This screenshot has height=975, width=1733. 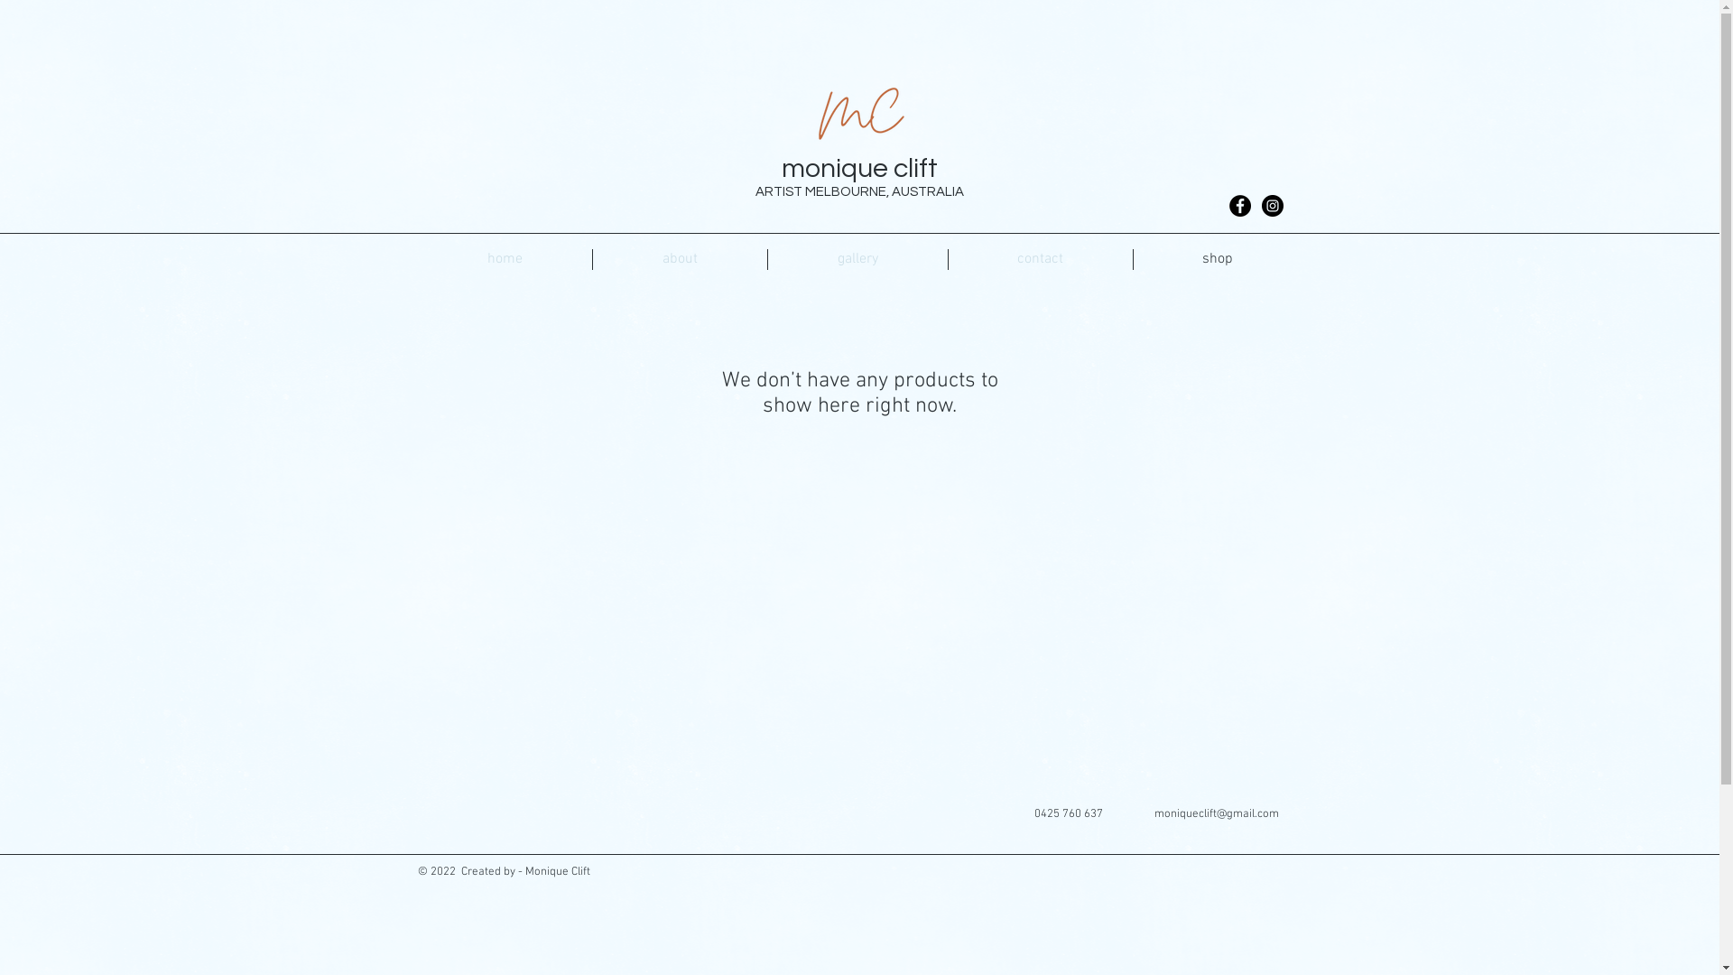 I want to click on 'home', so click(x=504, y=259).